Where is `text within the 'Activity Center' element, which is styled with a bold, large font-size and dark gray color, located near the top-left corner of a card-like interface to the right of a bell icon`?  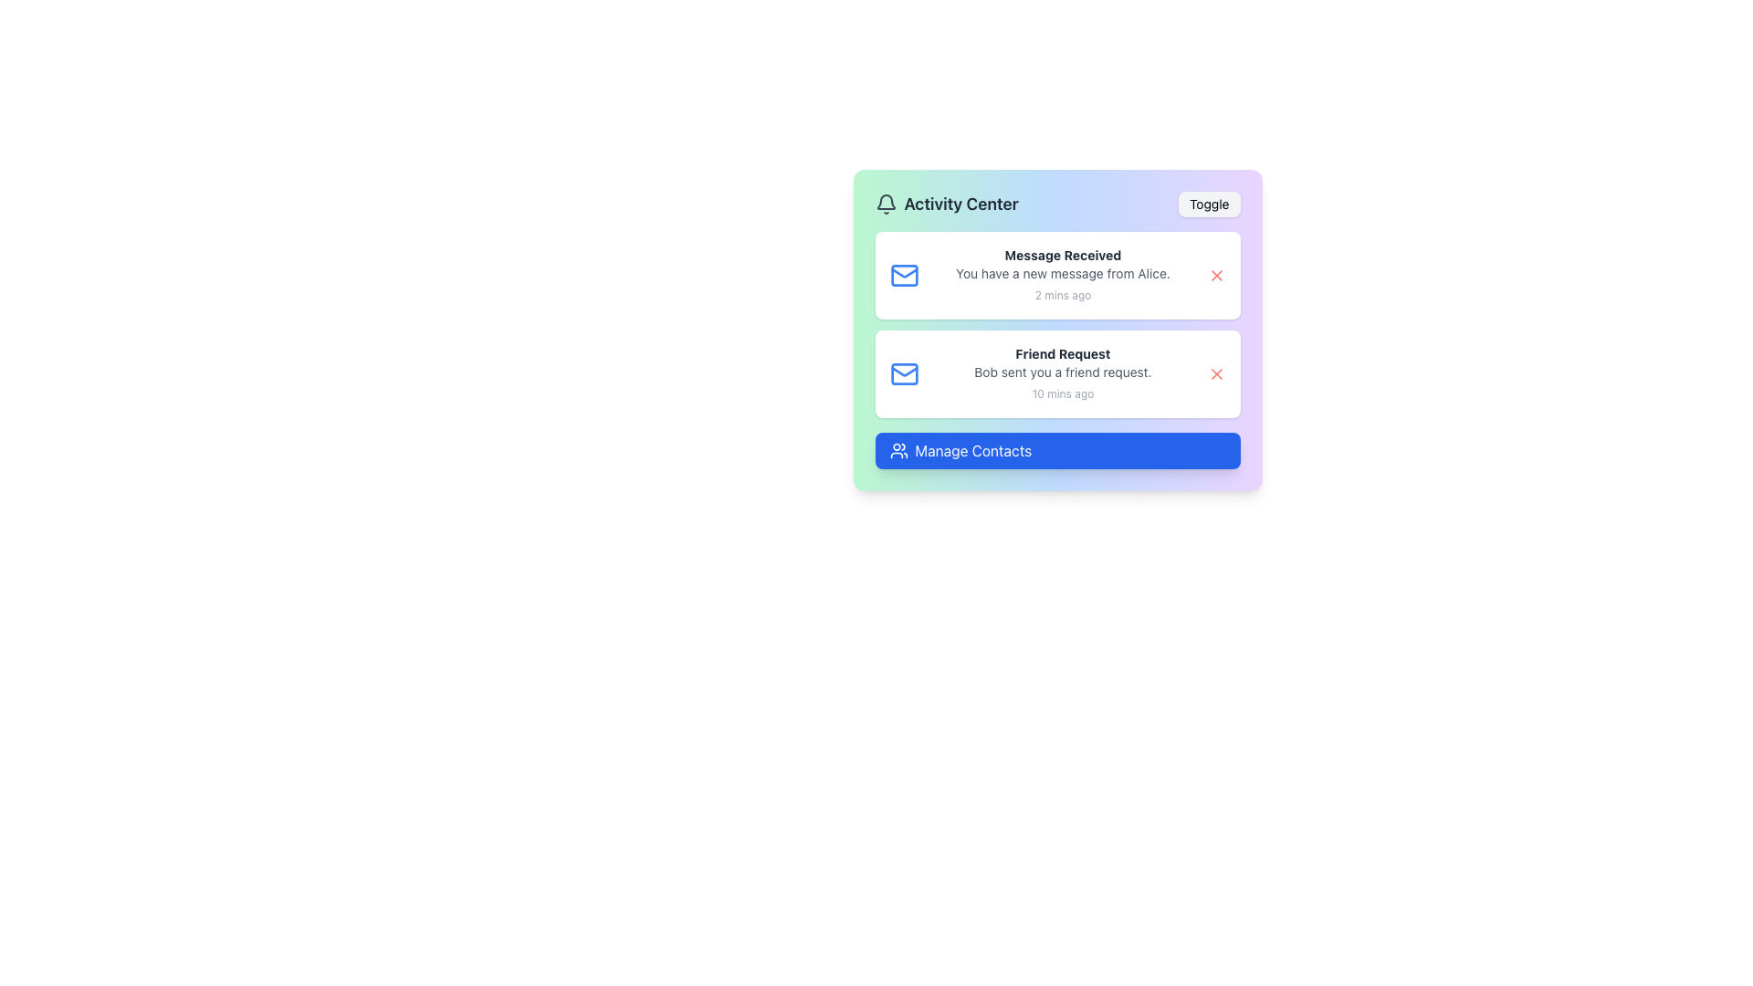 text within the 'Activity Center' element, which is styled with a bold, large font-size and dark gray color, located near the top-left corner of a card-like interface to the right of a bell icon is located at coordinates (960, 204).